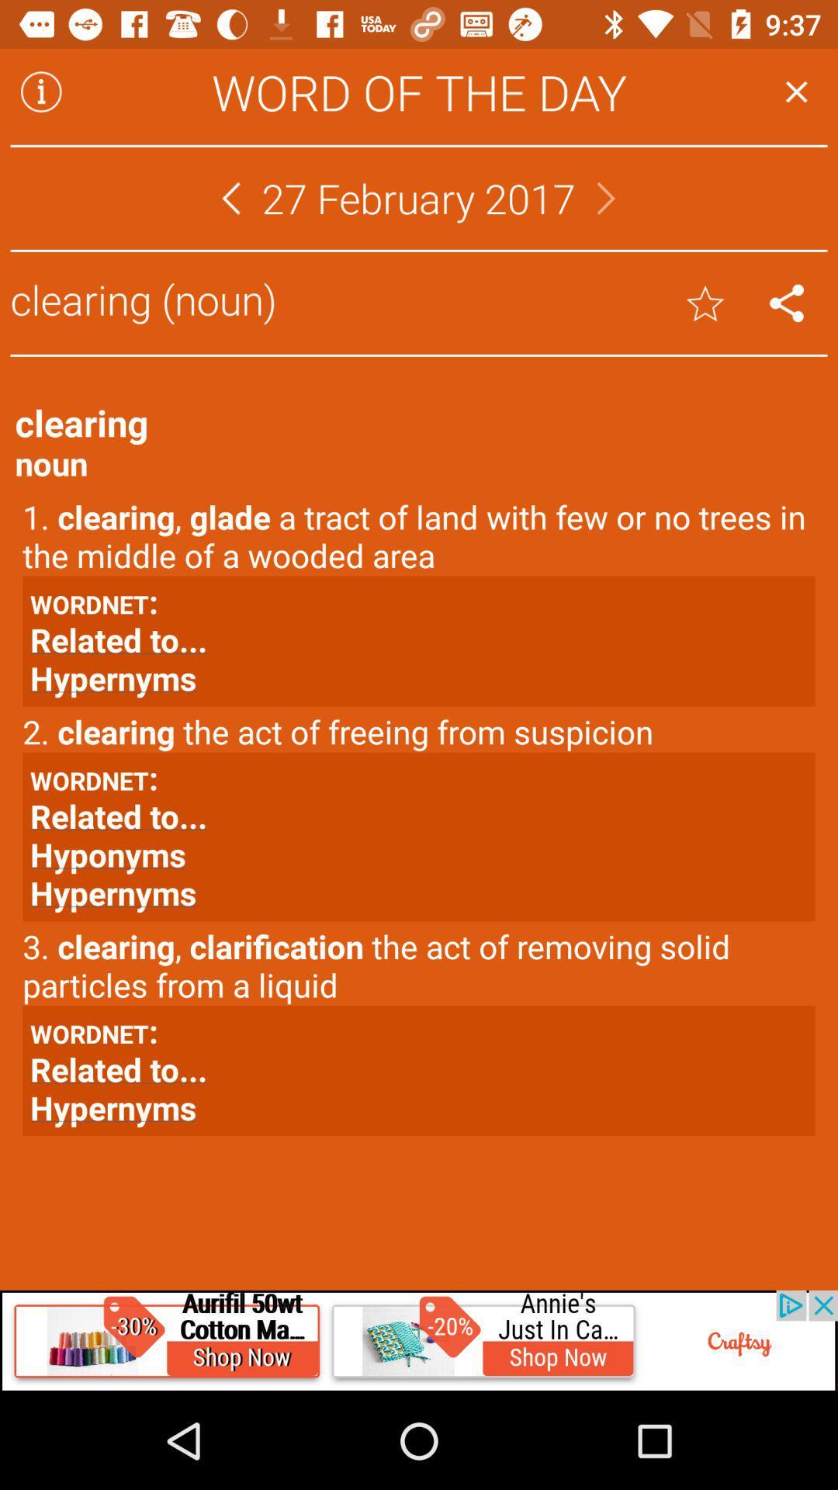 This screenshot has width=838, height=1490. I want to click on more details, so click(40, 91).